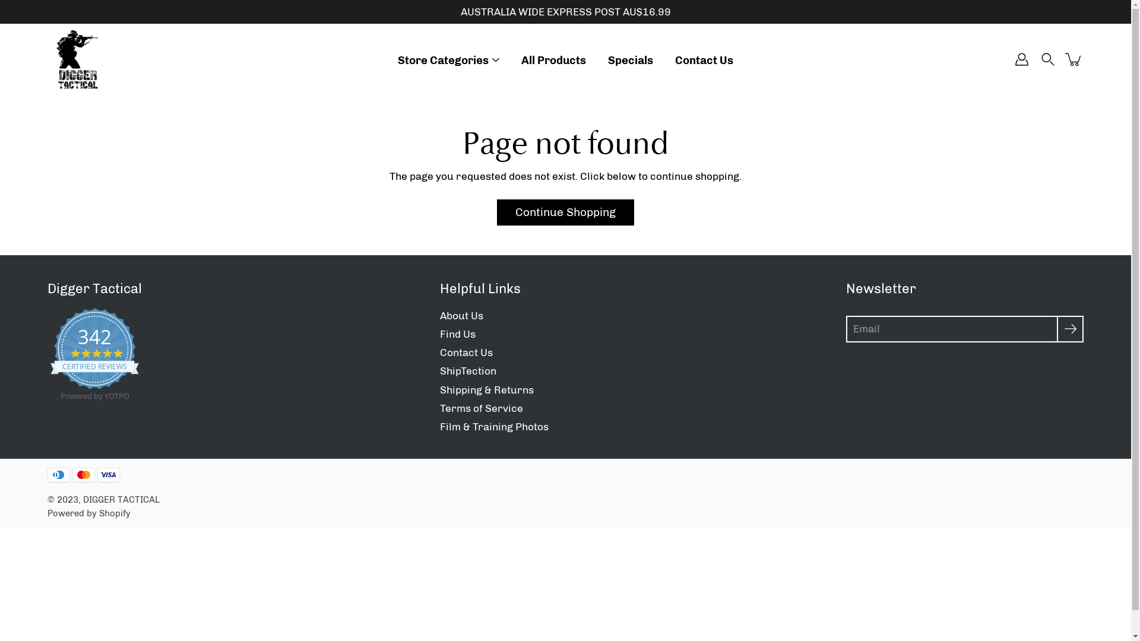 Image resolution: width=1140 pixels, height=641 pixels. What do you see at coordinates (553, 60) in the screenshot?
I see `'All Products'` at bounding box center [553, 60].